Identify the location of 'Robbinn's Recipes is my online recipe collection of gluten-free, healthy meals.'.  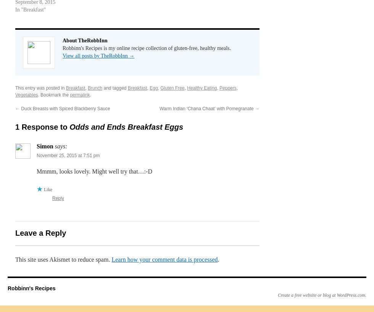
(147, 48).